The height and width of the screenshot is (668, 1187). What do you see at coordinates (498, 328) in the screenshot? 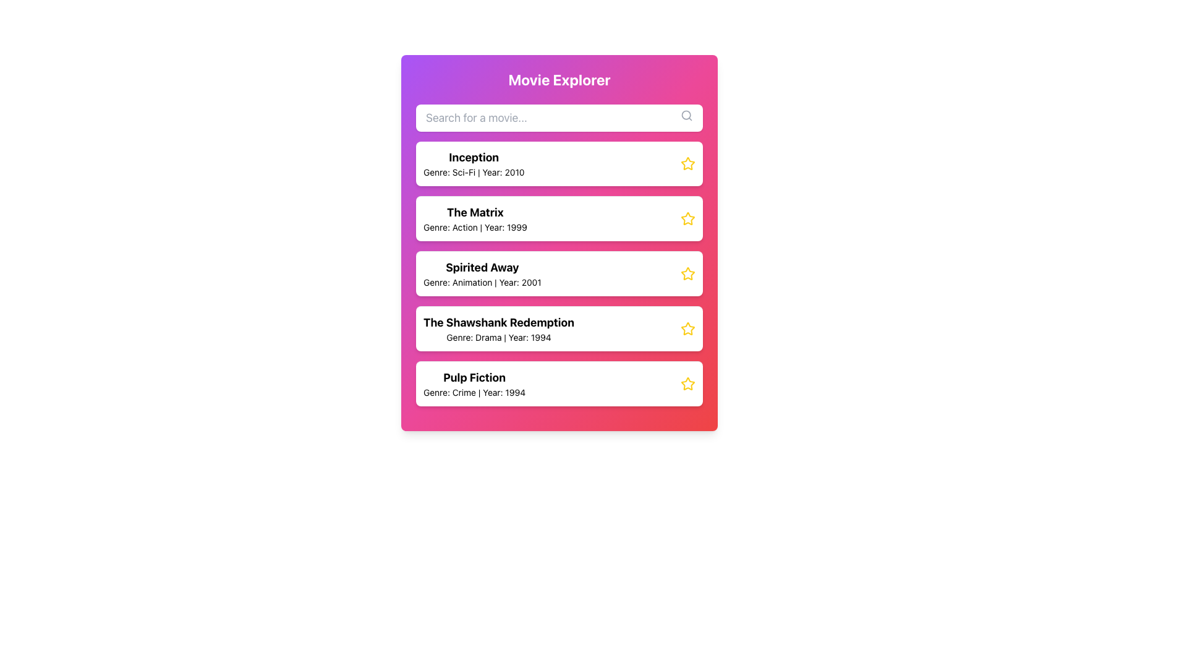
I see `the text block displaying 'The Shawshank Redemption' in bold, located in the third card of the 'Movie Explorer' section, which is between 'Spirited Away' and 'Pulp Fiction'` at bounding box center [498, 328].